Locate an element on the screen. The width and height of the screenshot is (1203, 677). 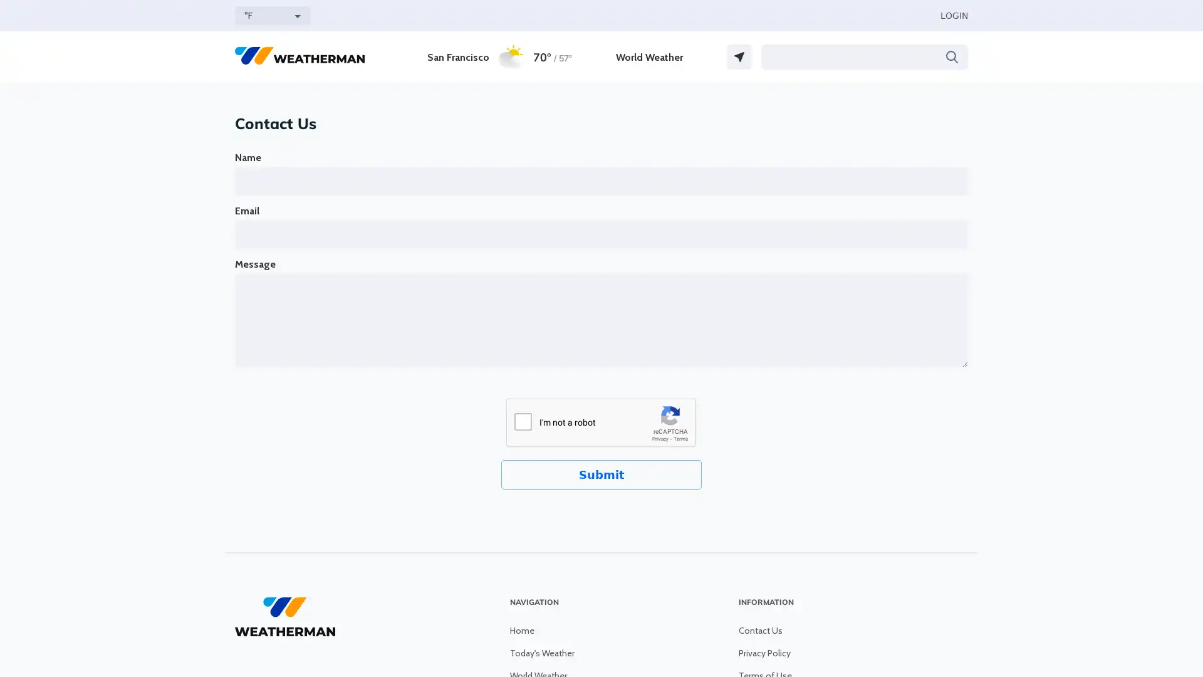
GPS Location is located at coordinates (739, 57).